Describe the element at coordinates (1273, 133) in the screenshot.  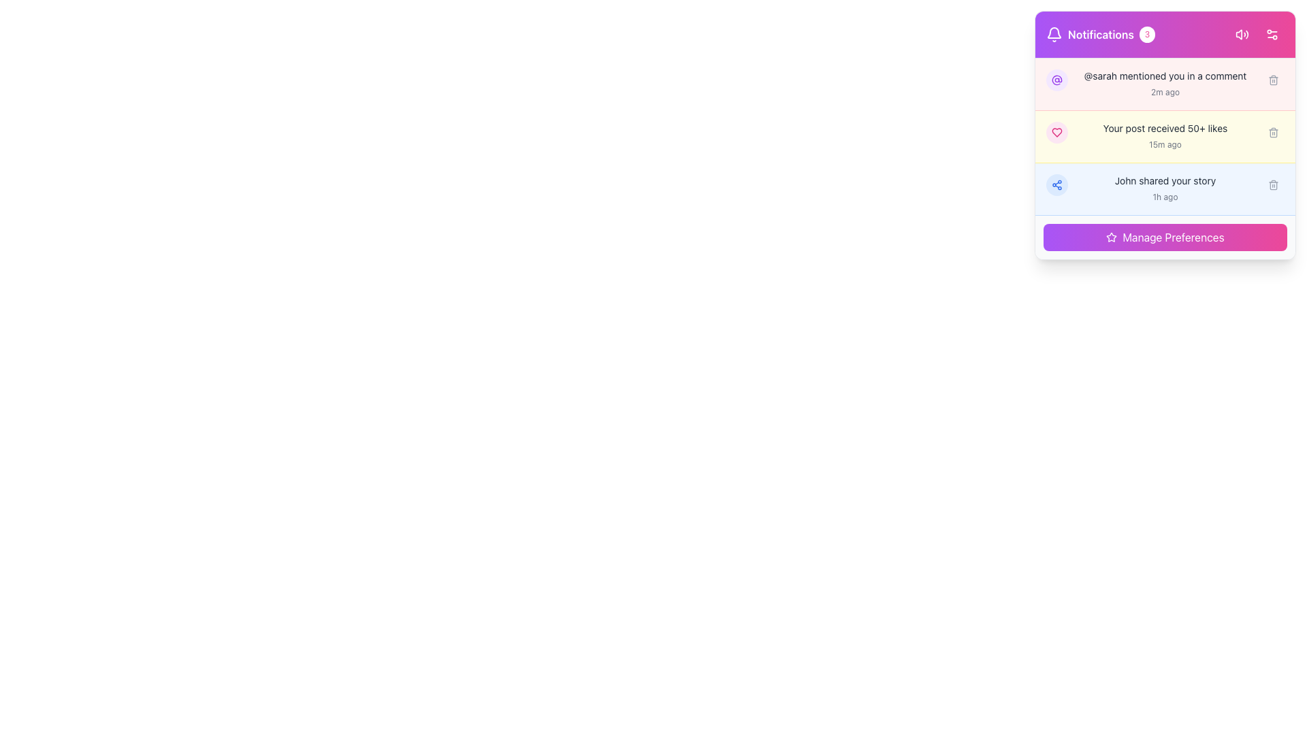
I see `the trash bin icon located in the top-right corner of the notification card with a yellow background that states 'Your post received 50+ likes'` at that location.